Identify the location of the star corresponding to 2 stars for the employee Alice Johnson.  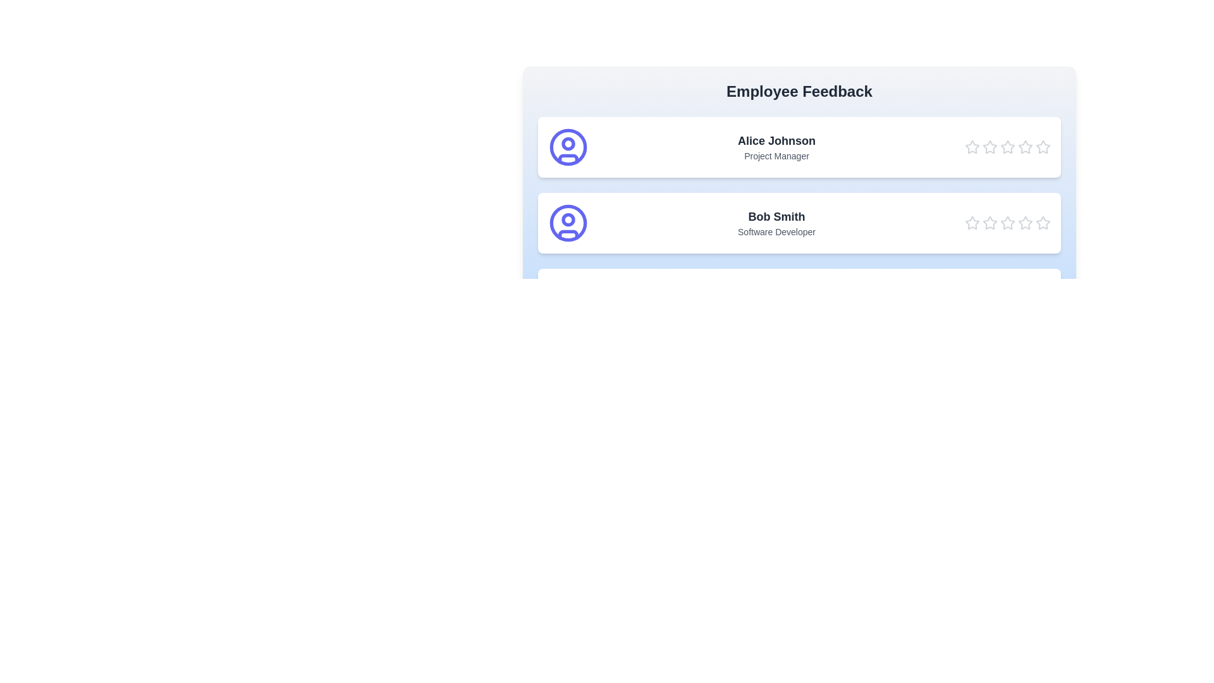
(989, 146).